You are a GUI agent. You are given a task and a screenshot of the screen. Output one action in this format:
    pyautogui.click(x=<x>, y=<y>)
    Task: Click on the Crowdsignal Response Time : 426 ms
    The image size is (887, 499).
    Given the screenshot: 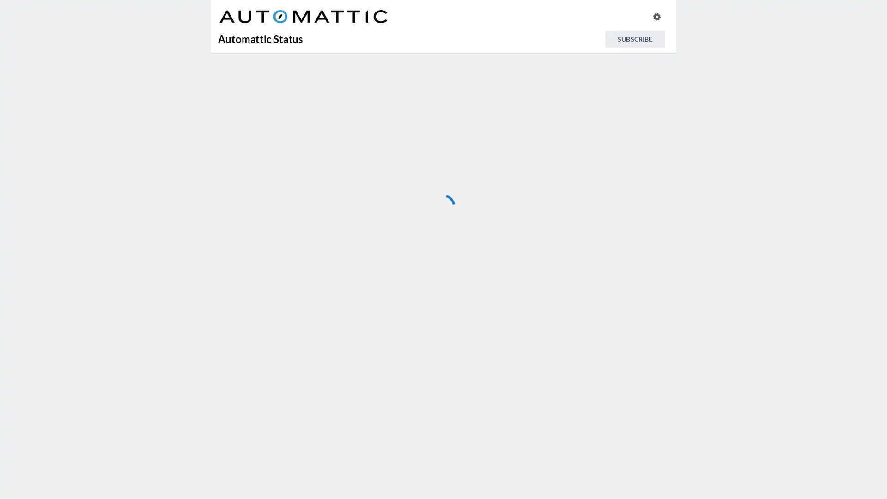 What is the action you would take?
    pyautogui.click(x=387, y=217)
    